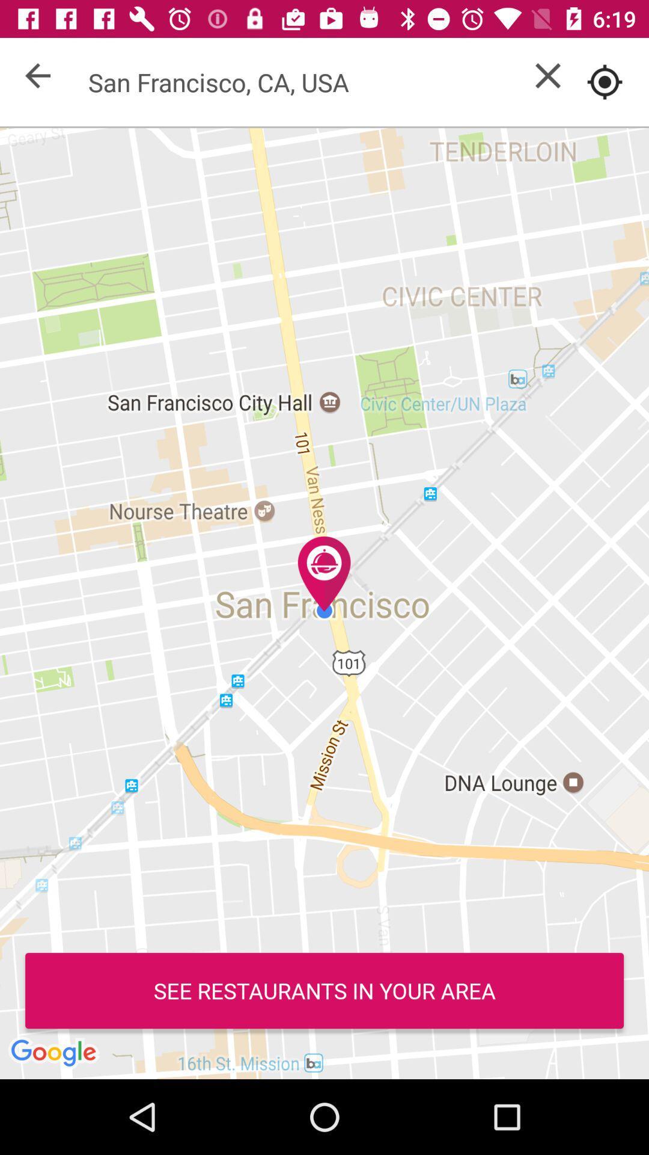 Image resolution: width=649 pixels, height=1155 pixels. I want to click on current location, so click(605, 81).